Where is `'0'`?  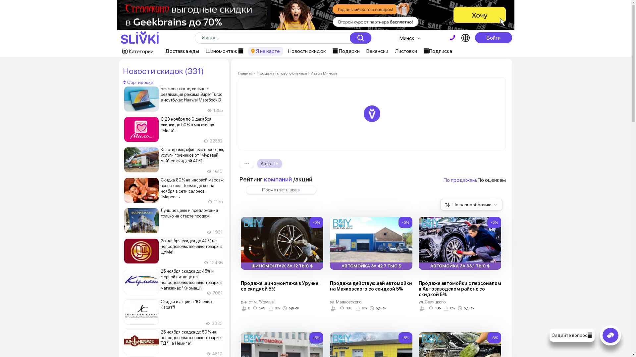 '0' is located at coordinates (240, 308).